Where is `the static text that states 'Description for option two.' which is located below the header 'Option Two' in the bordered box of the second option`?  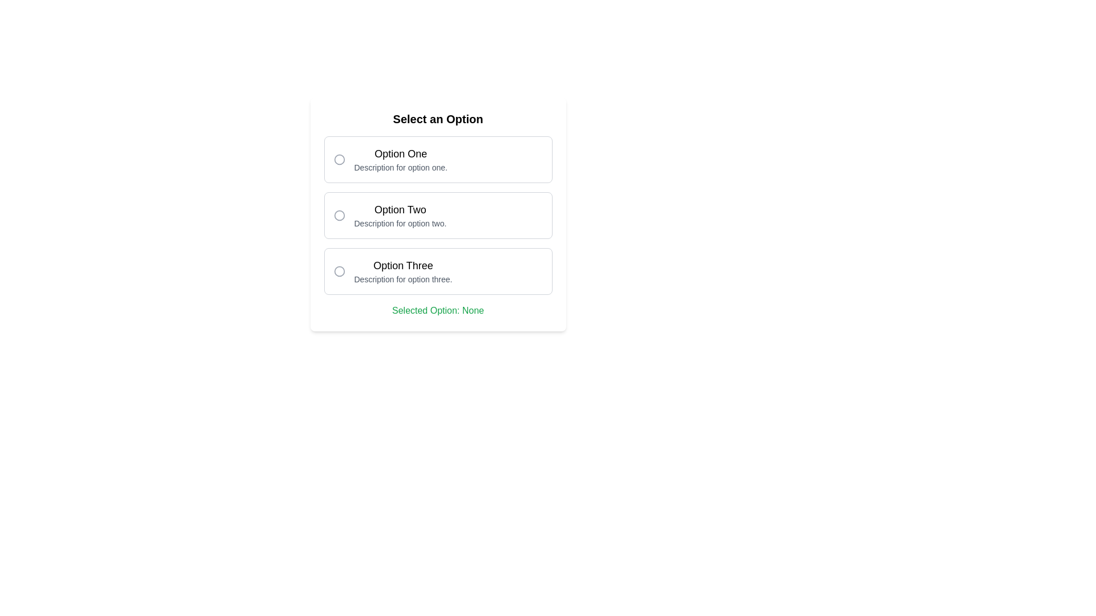 the static text that states 'Description for option two.' which is located below the header 'Option Two' in the bordered box of the second option is located at coordinates (400, 224).